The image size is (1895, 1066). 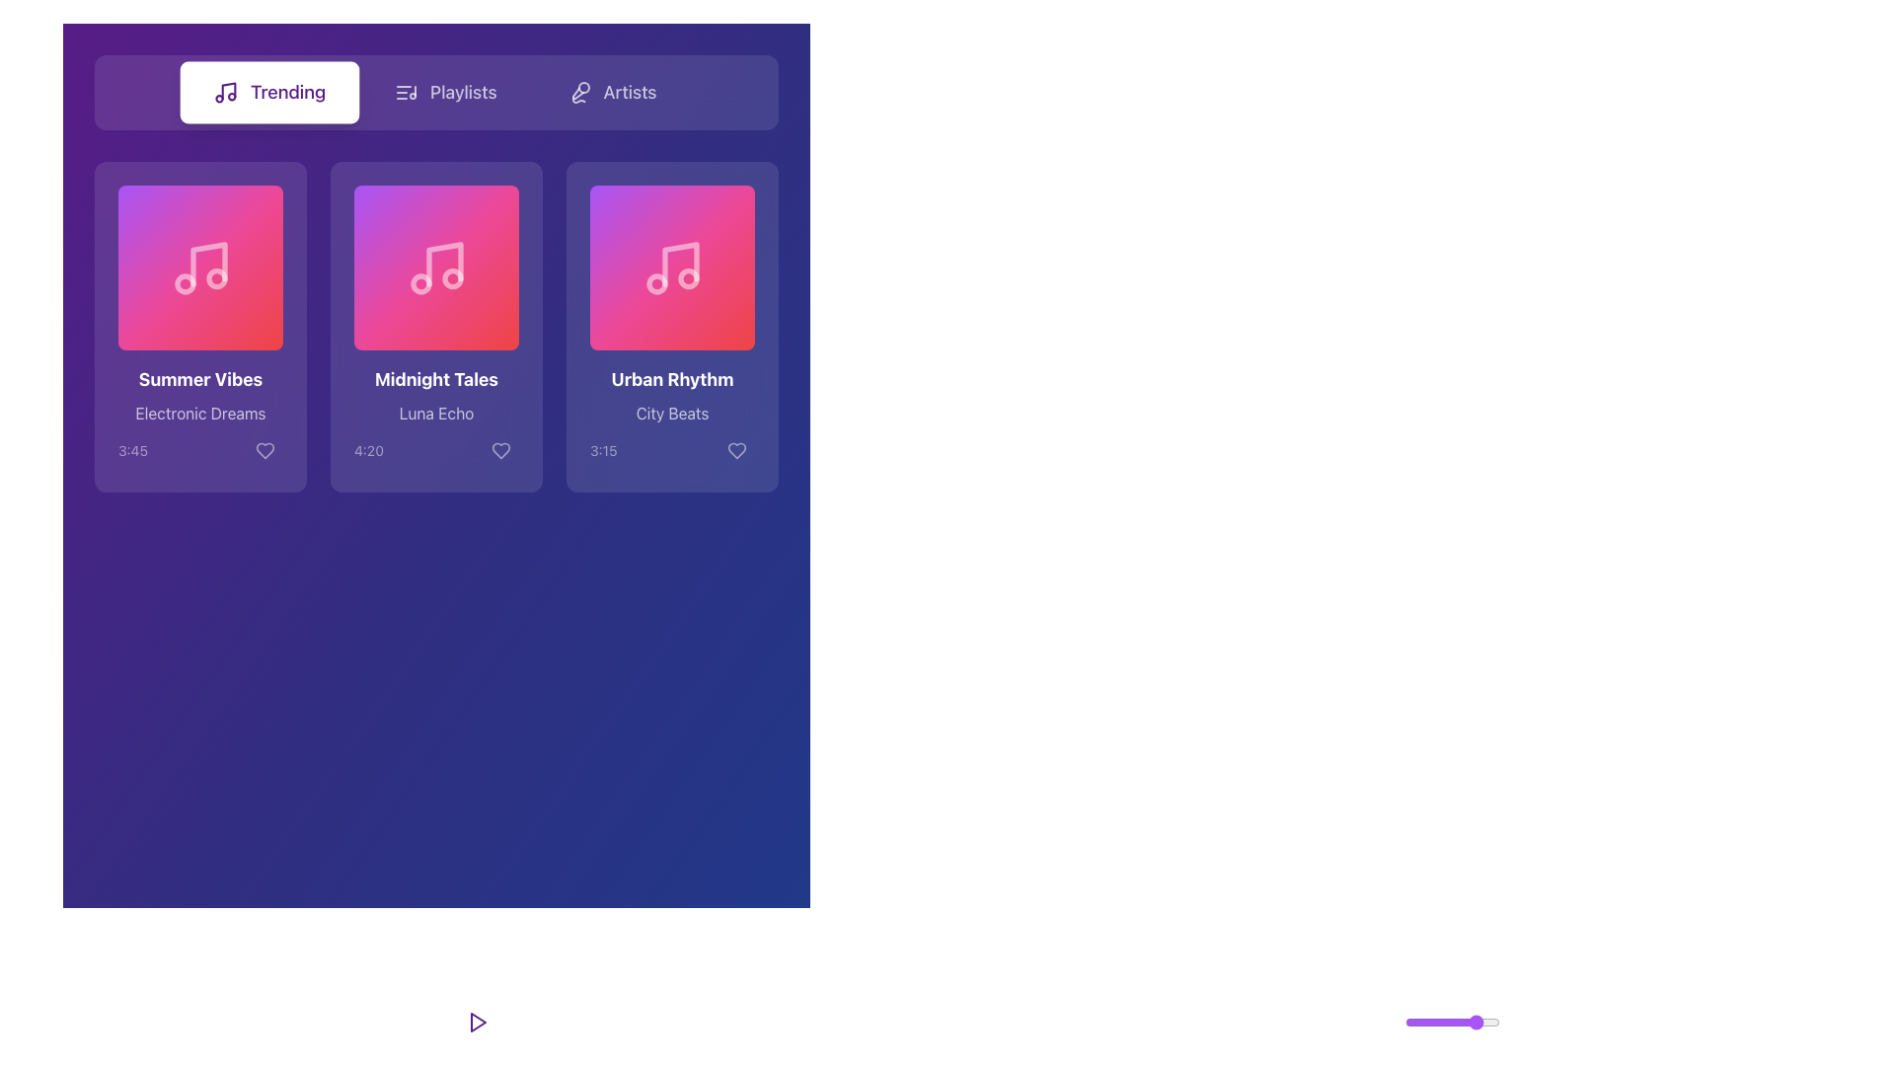 I want to click on the musical note icon, which is the central element of the 'Midnight Tales' card, positioned in the middle tile of a horizontally arranged card grid, so click(x=443, y=263).